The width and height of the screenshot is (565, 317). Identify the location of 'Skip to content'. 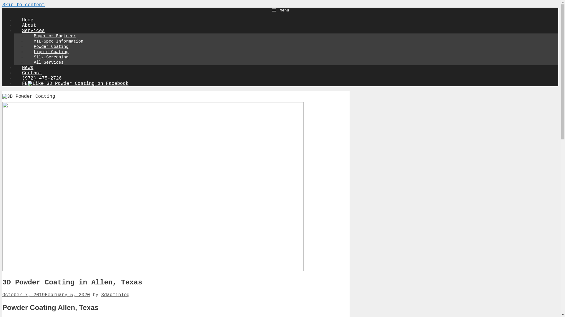
(24, 5).